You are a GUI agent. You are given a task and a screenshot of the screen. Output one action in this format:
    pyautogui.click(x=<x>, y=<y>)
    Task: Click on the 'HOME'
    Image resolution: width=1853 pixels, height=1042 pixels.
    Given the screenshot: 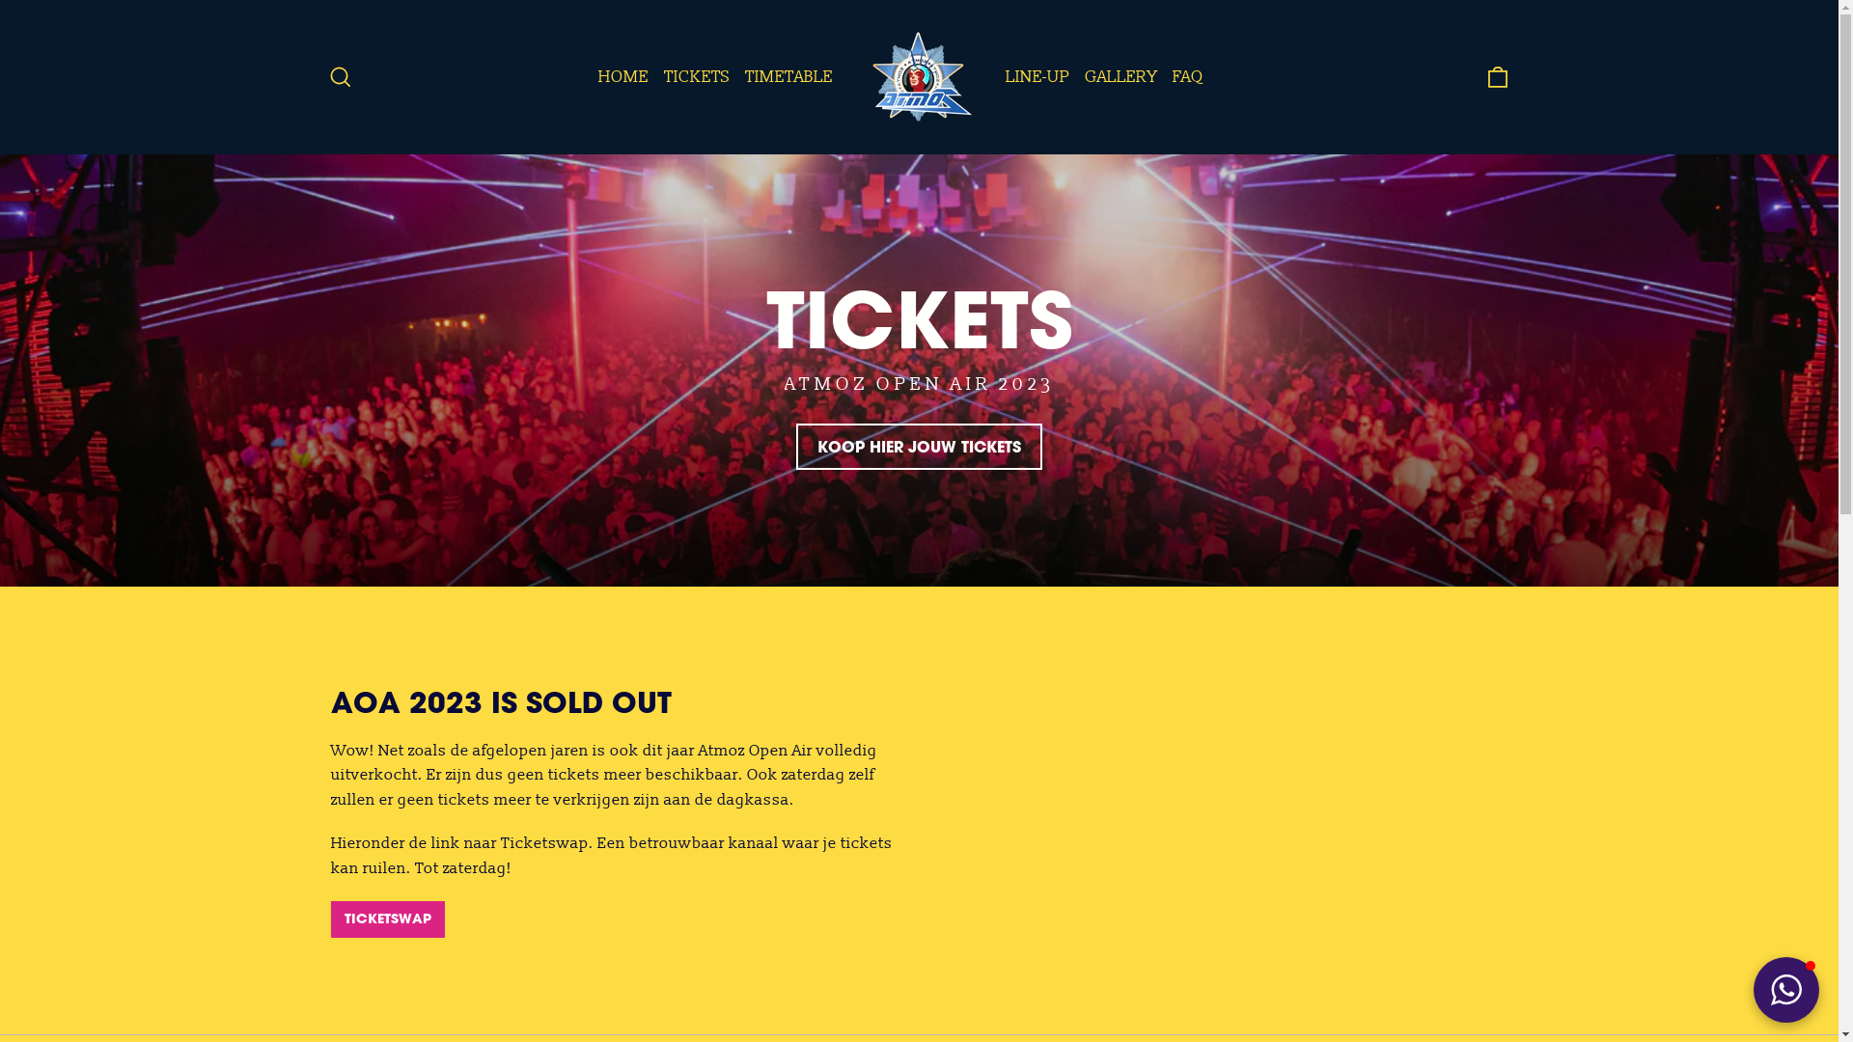 What is the action you would take?
    pyautogui.click(x=623, y=75)
    